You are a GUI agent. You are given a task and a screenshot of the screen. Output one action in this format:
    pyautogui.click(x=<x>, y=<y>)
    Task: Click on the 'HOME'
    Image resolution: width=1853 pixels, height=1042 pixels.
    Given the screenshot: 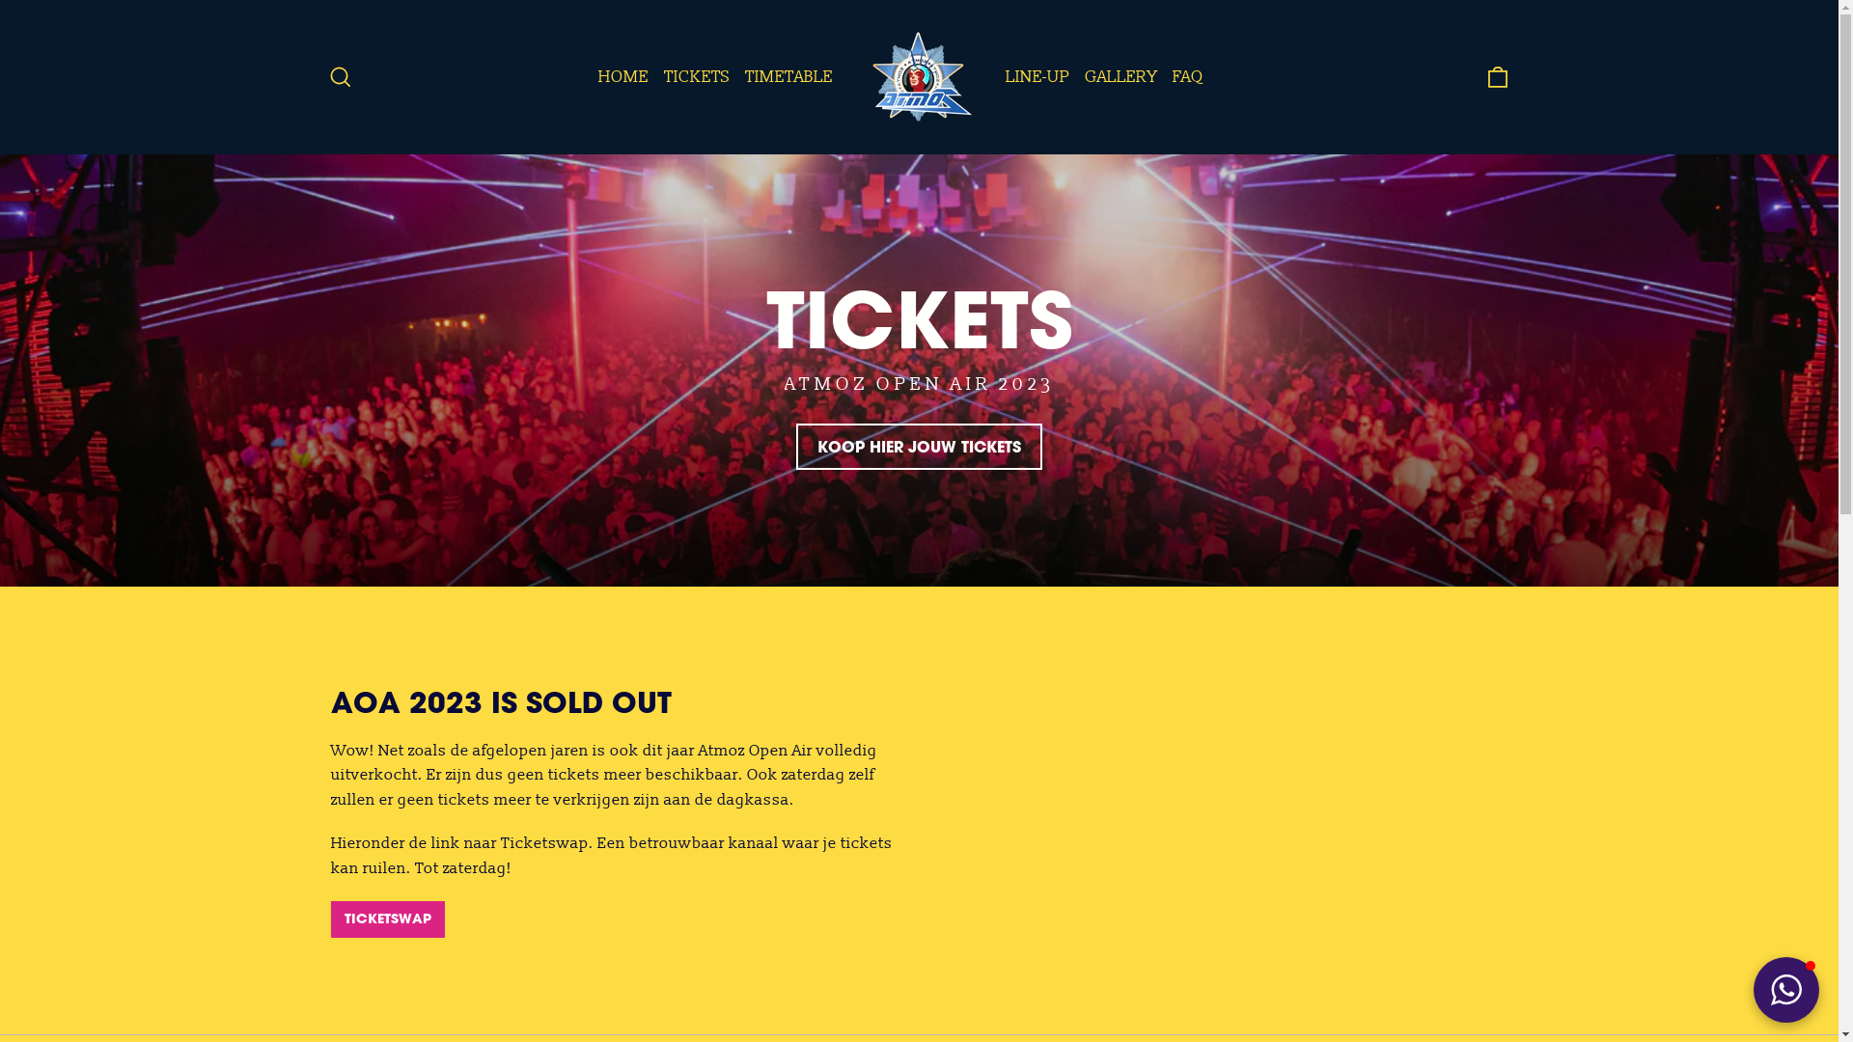 What is the action you would take?
    pyautogui.click(x=623, y=75)
    